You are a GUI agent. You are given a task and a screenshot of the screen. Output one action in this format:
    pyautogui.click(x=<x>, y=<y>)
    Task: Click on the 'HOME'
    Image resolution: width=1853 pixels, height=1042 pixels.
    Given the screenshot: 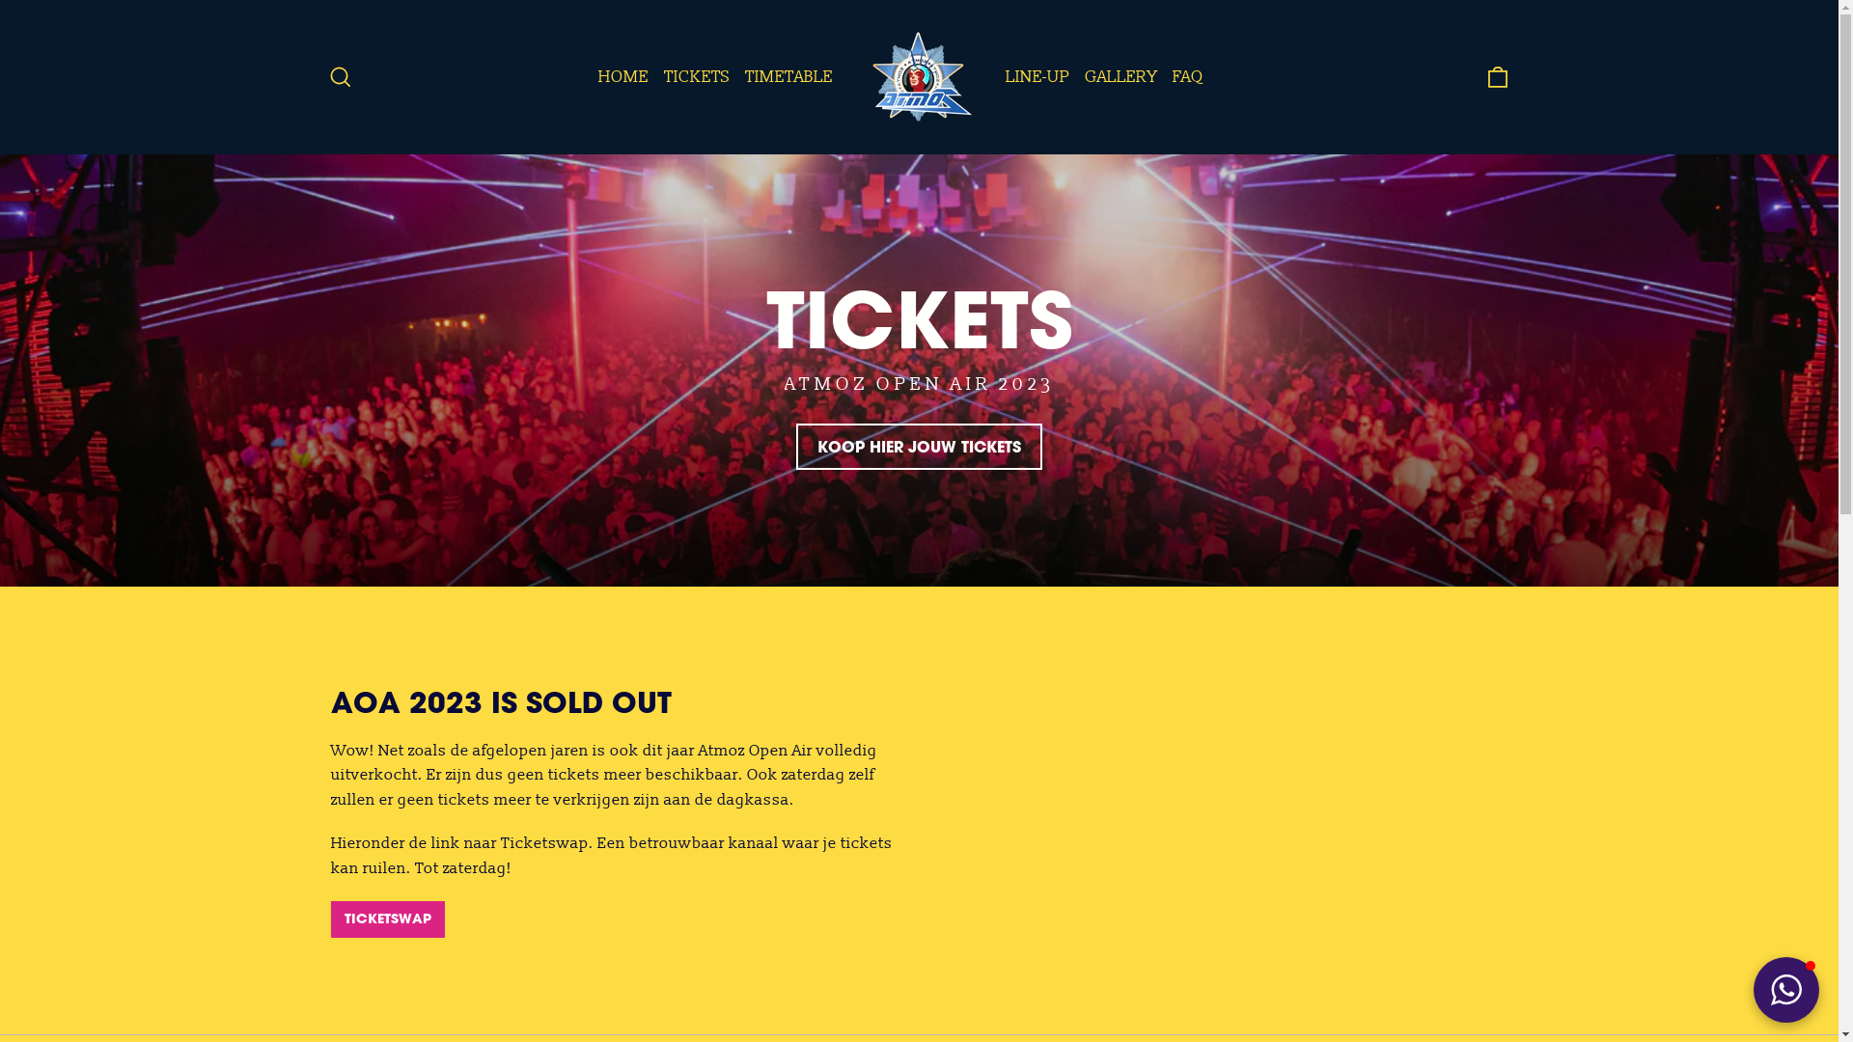 What is the action you would take?
    pyautogui.click(x=623, y=75)
    